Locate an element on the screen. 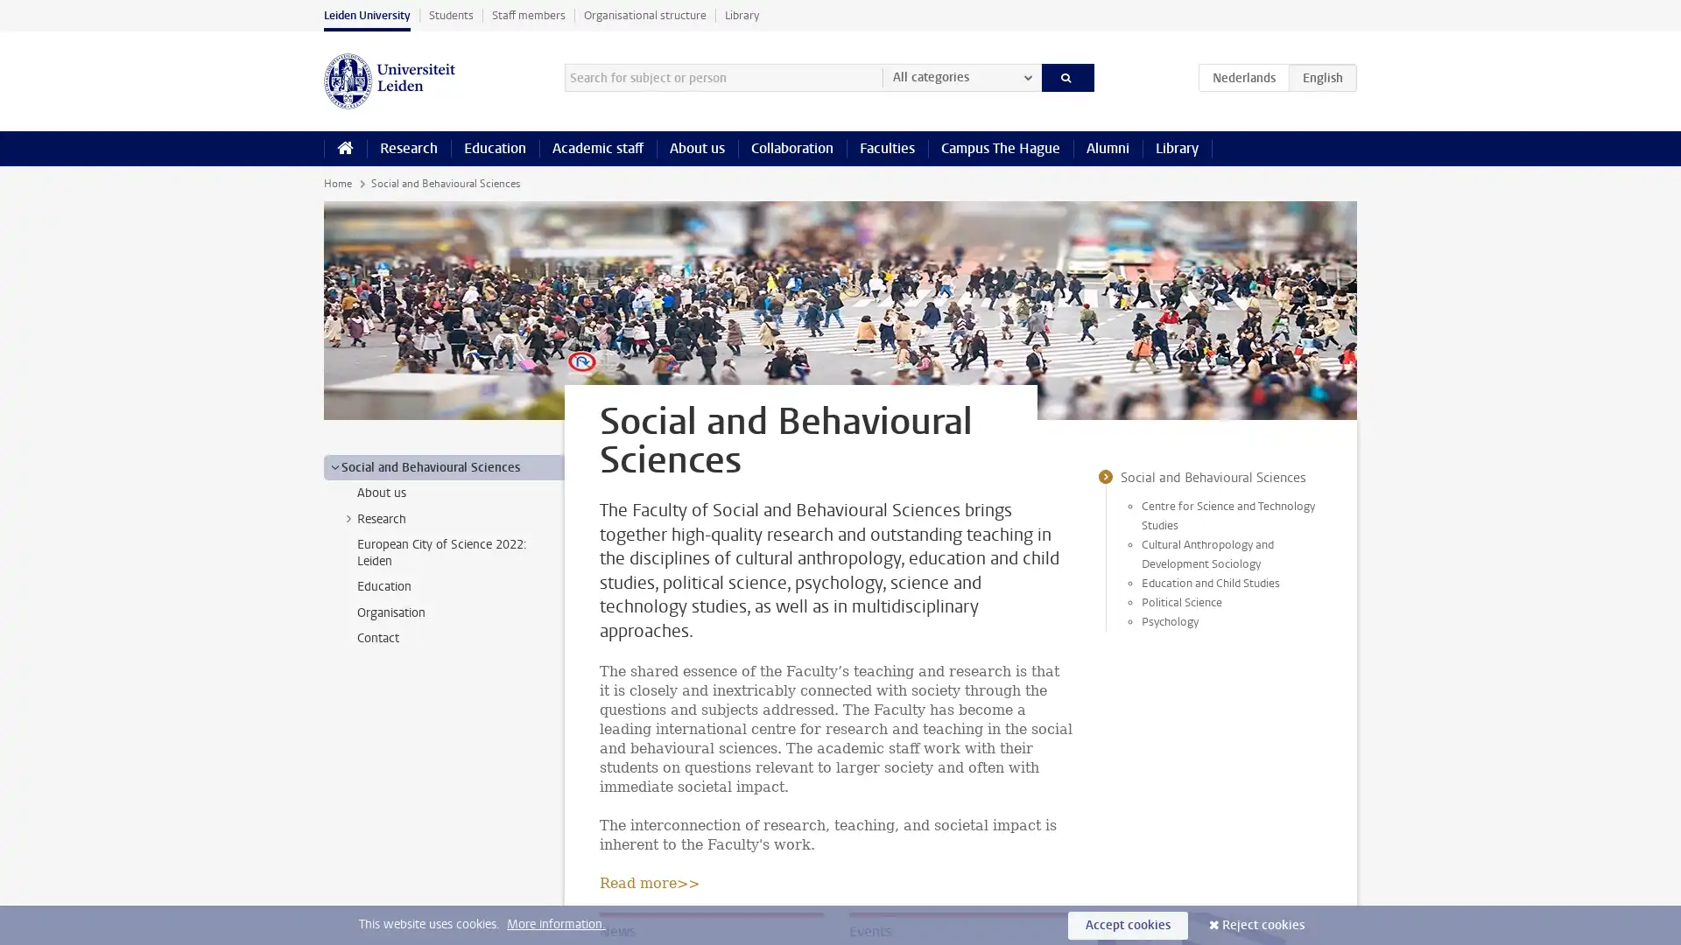 The image size is (1681, 945). Search is located at coordinates (1066, 76).